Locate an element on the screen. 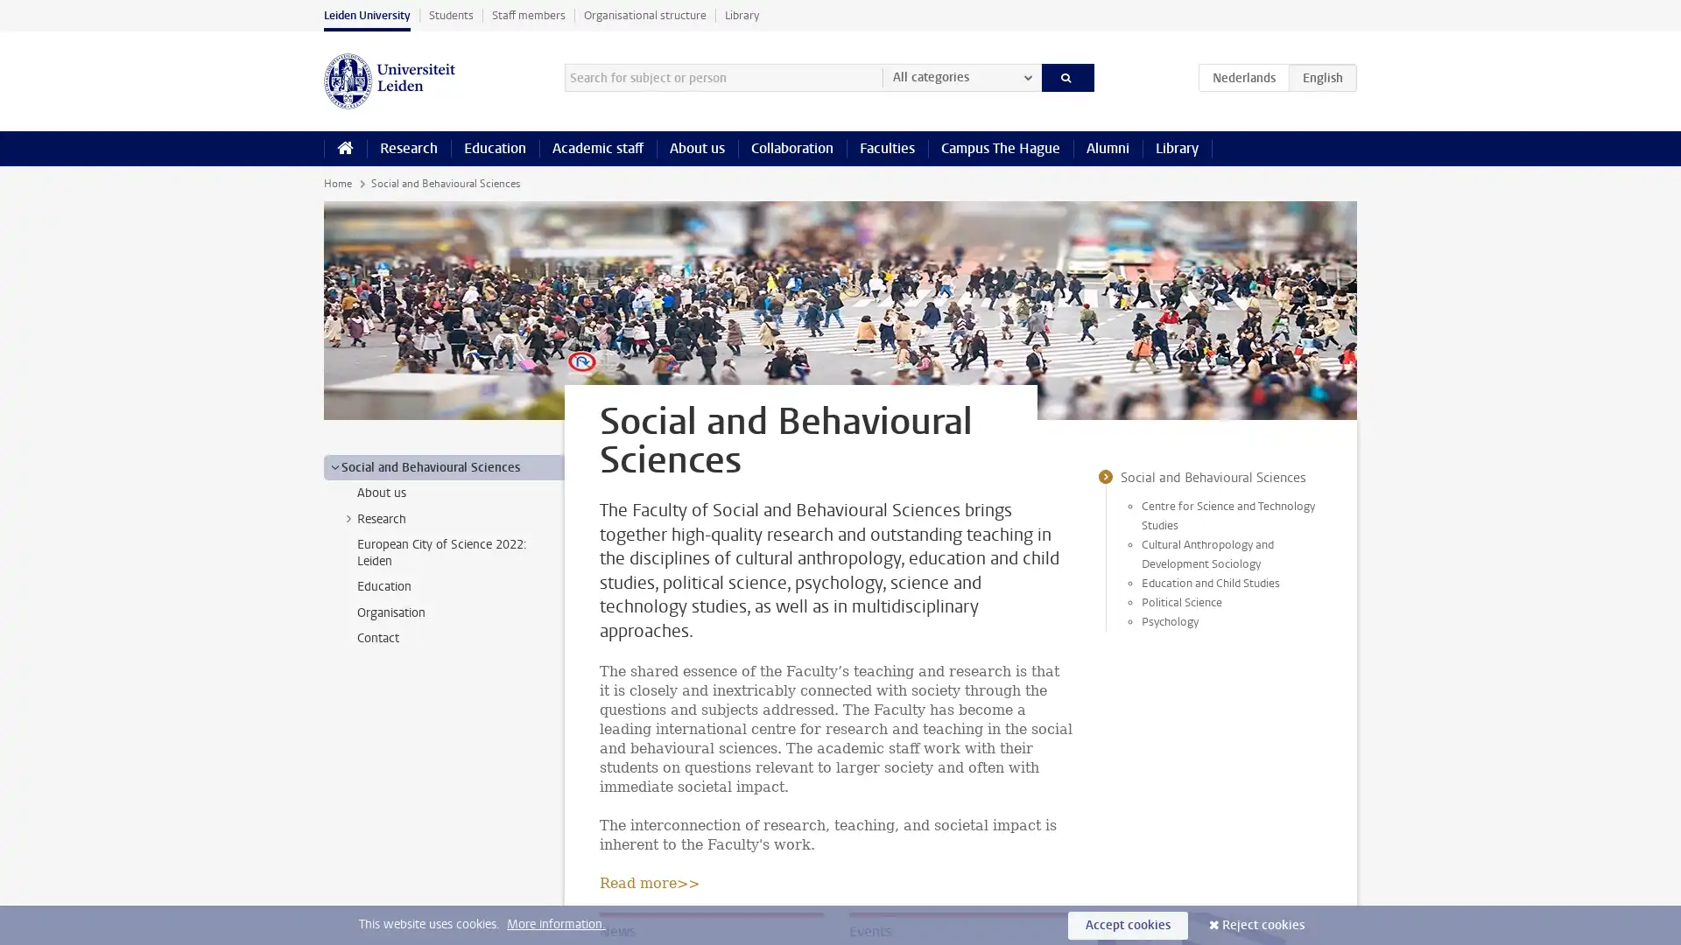 The image size is (1681, 945). Search is located at coordinates (1066, 76).